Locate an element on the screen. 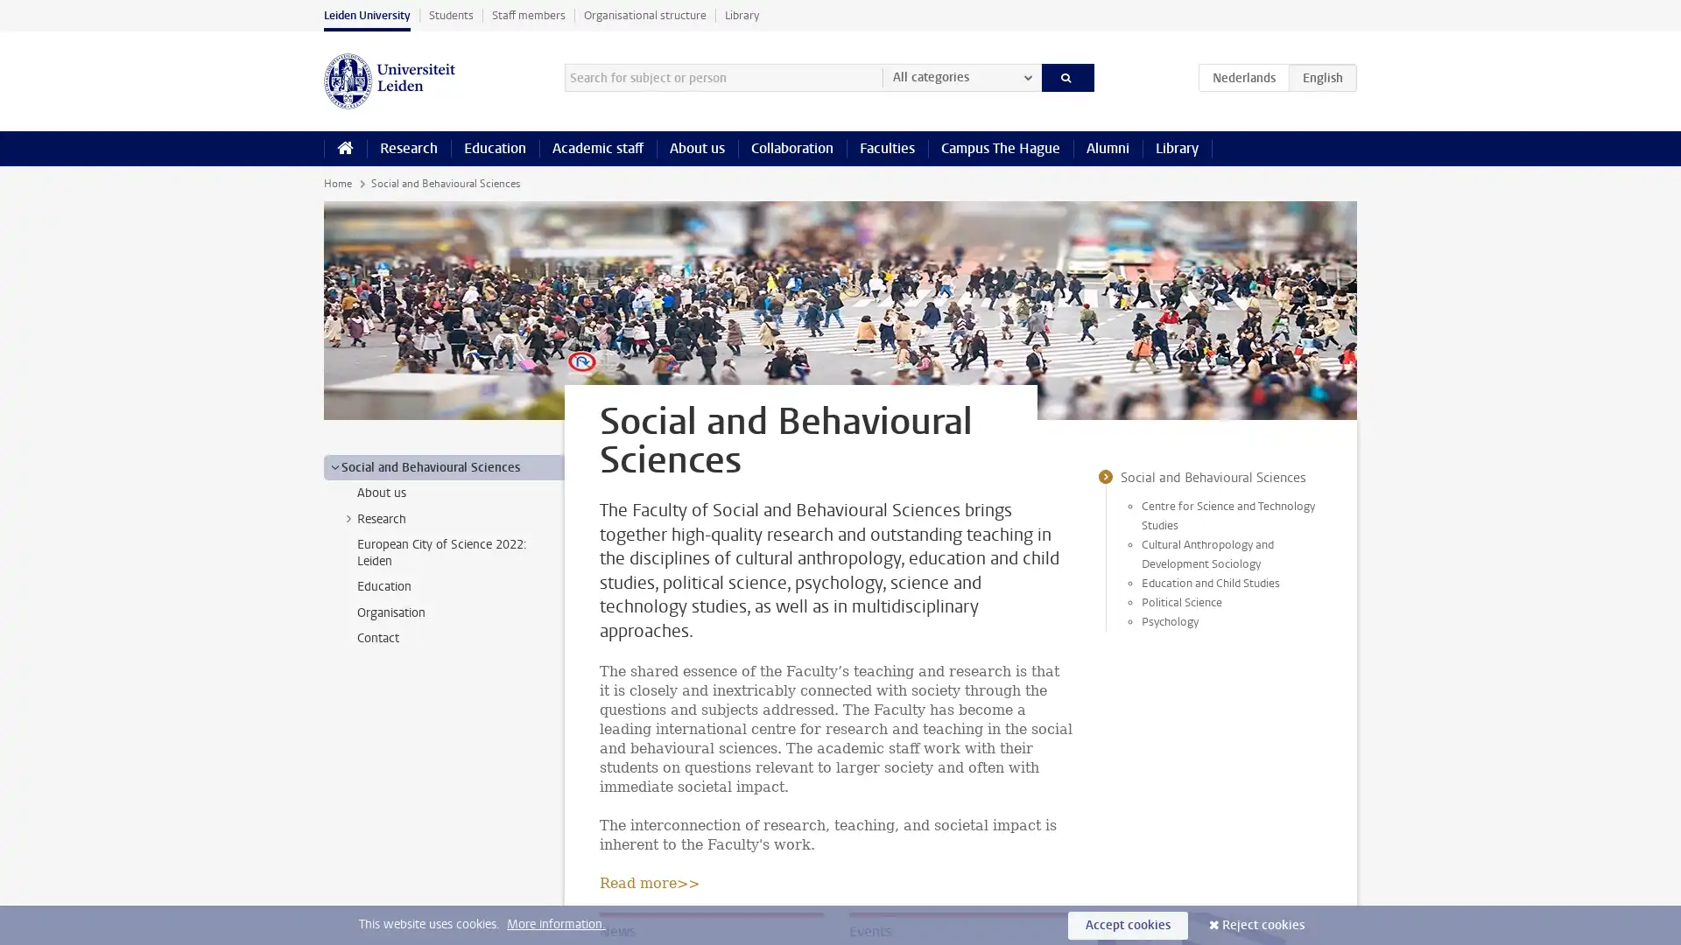 The image size is (1681, 945). Search is located at coordinates (1066, 76).